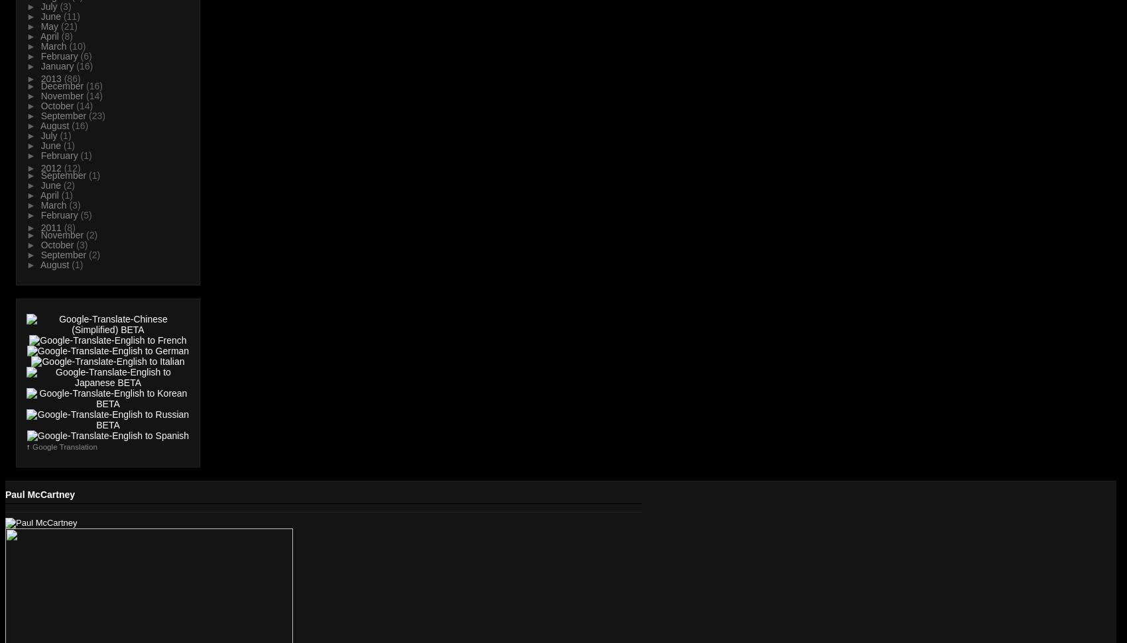  What do you see at coordinates (52, 168) in the screenshot?
I see `'2012'` at bounding box center [52, 168].